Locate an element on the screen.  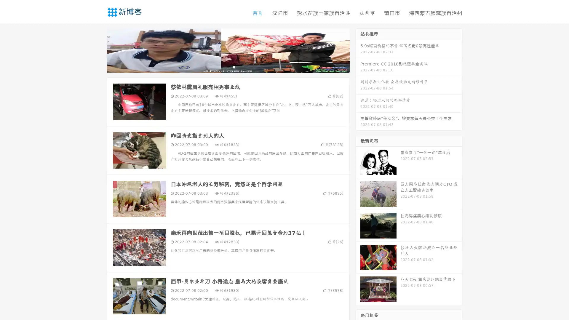
Go to slide 1 is located at coordinates (222, 67).